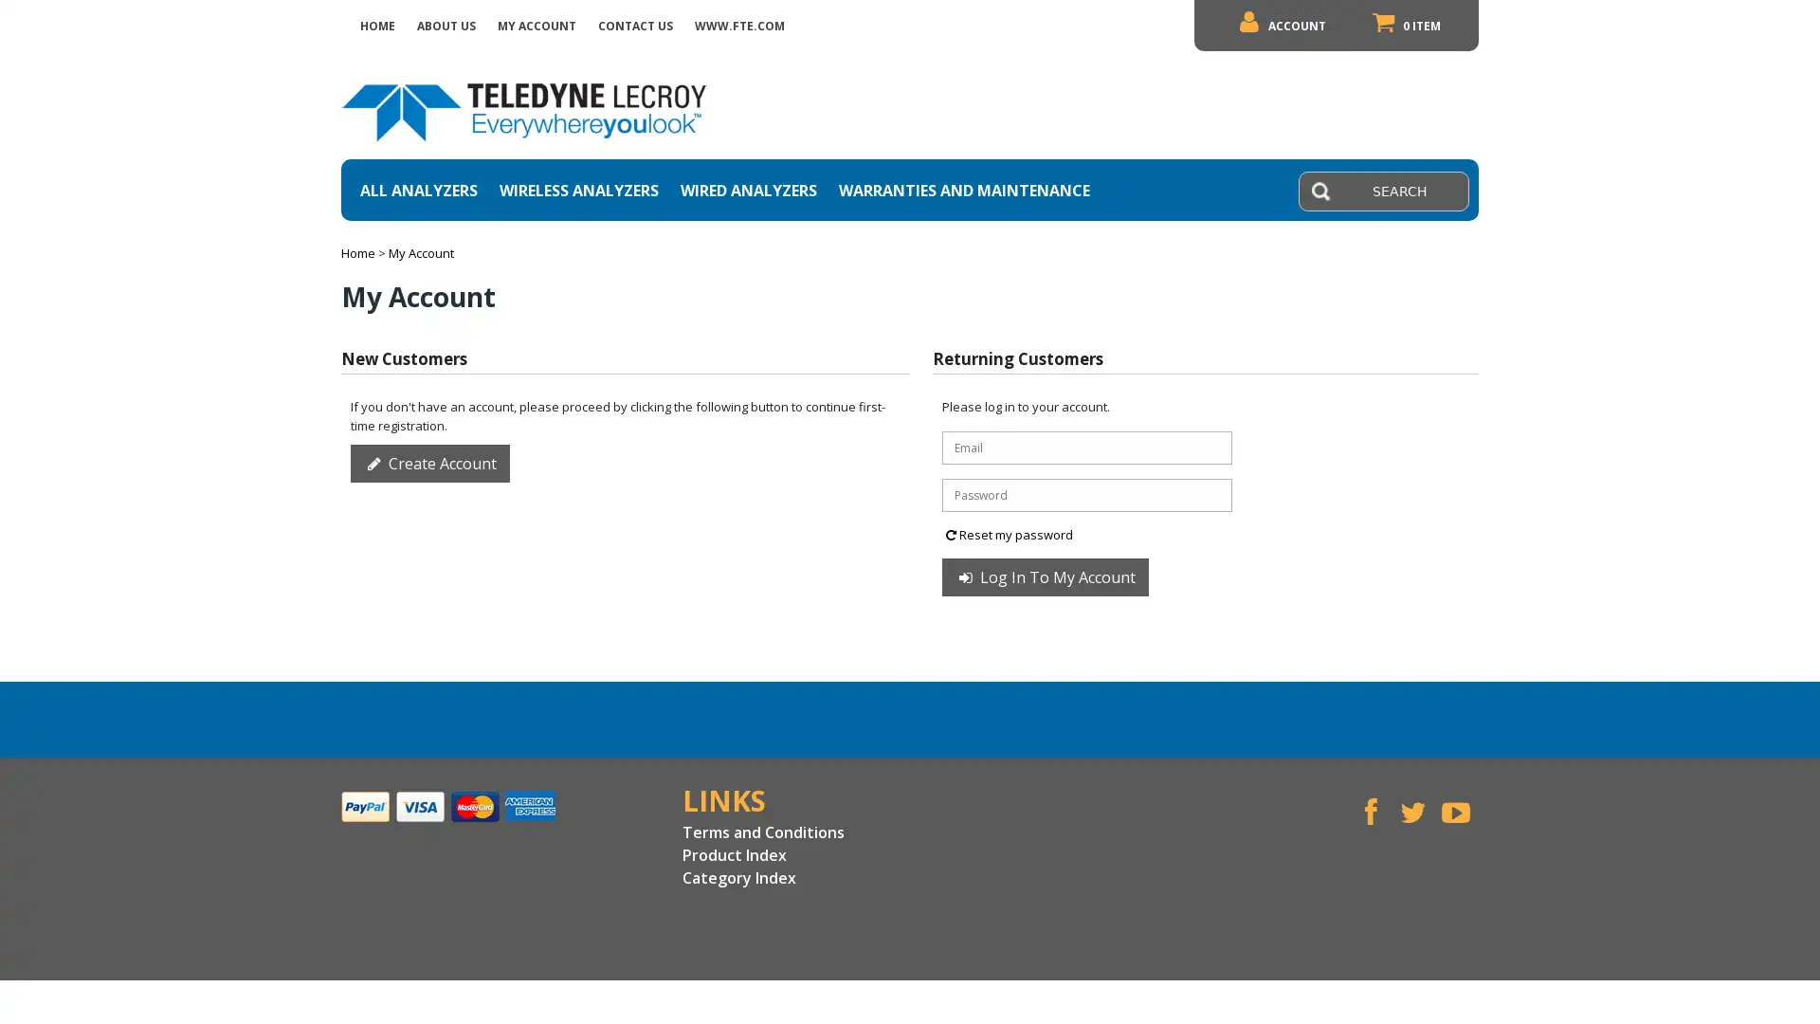 The width and height of the screenshot is (1820, 1024). Describe the element at coordinates (429, 464) in the screenshot. I see `Create Account` at that location.